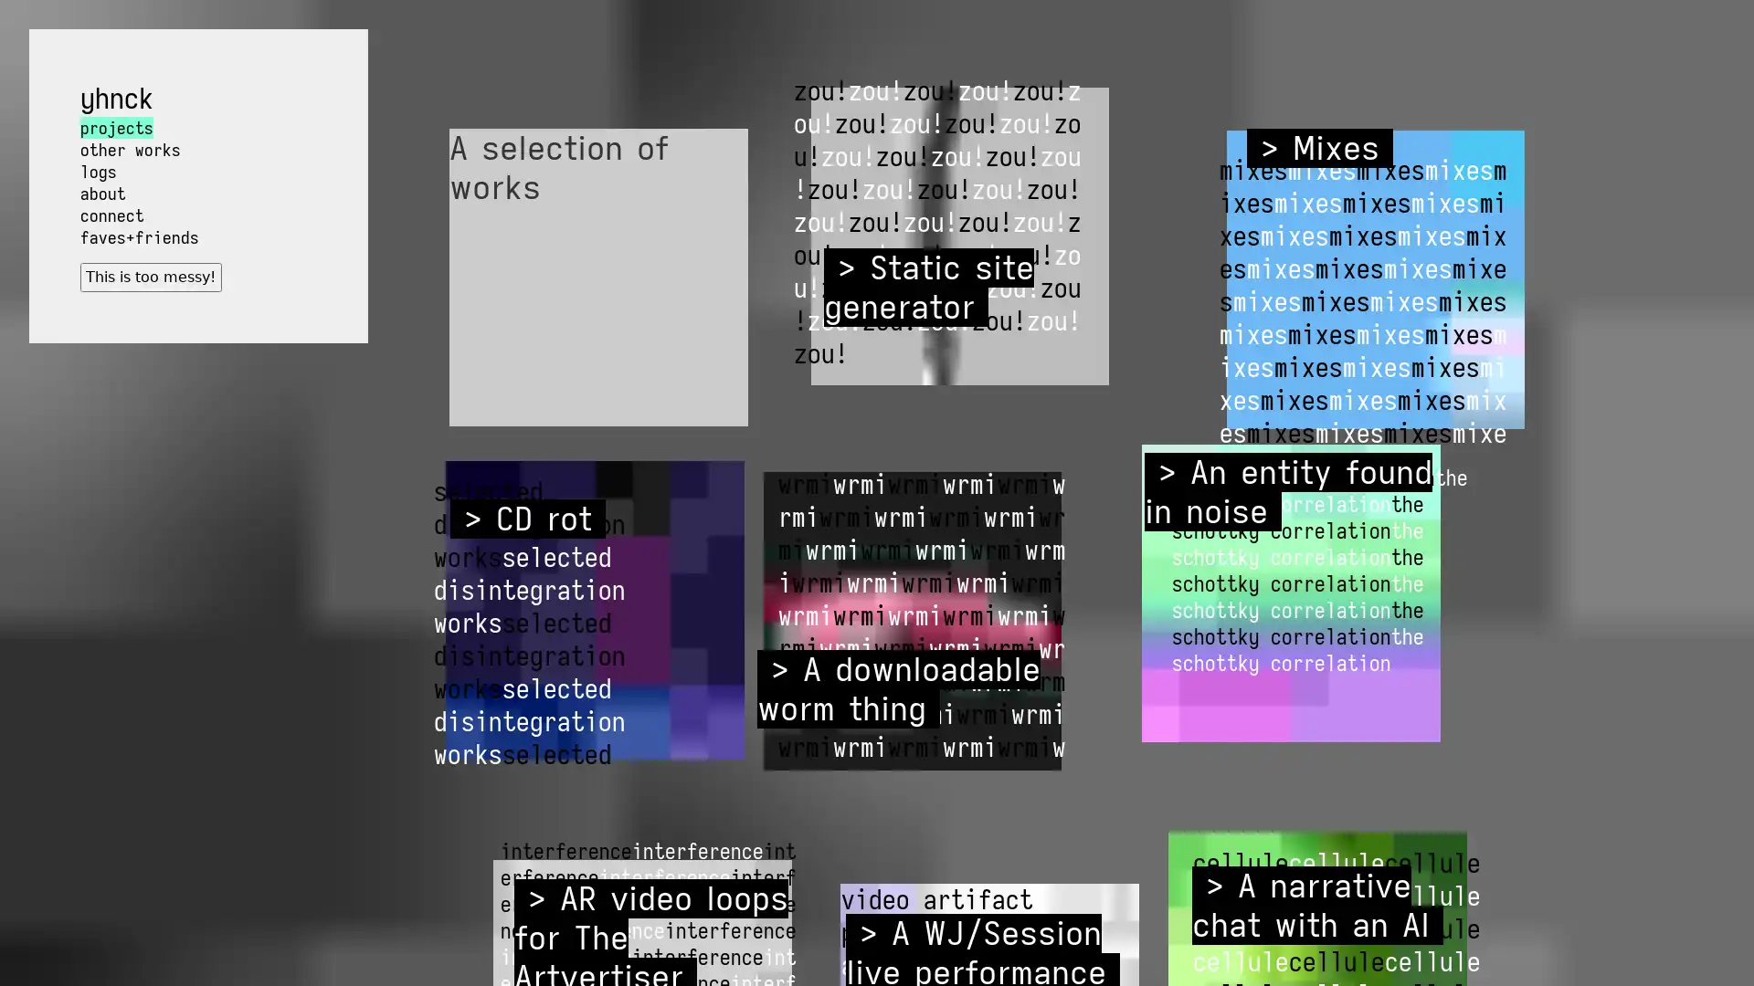 The image size is (1754, 986). Describe the element at coordinates (150, 277) in the screenshot. I see `This is too messy!` at that location.